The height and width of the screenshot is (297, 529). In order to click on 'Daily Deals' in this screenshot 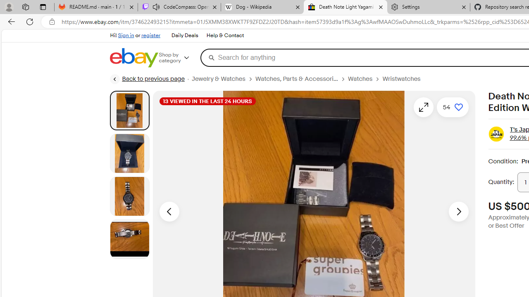, I will do `click(184, 35)`.